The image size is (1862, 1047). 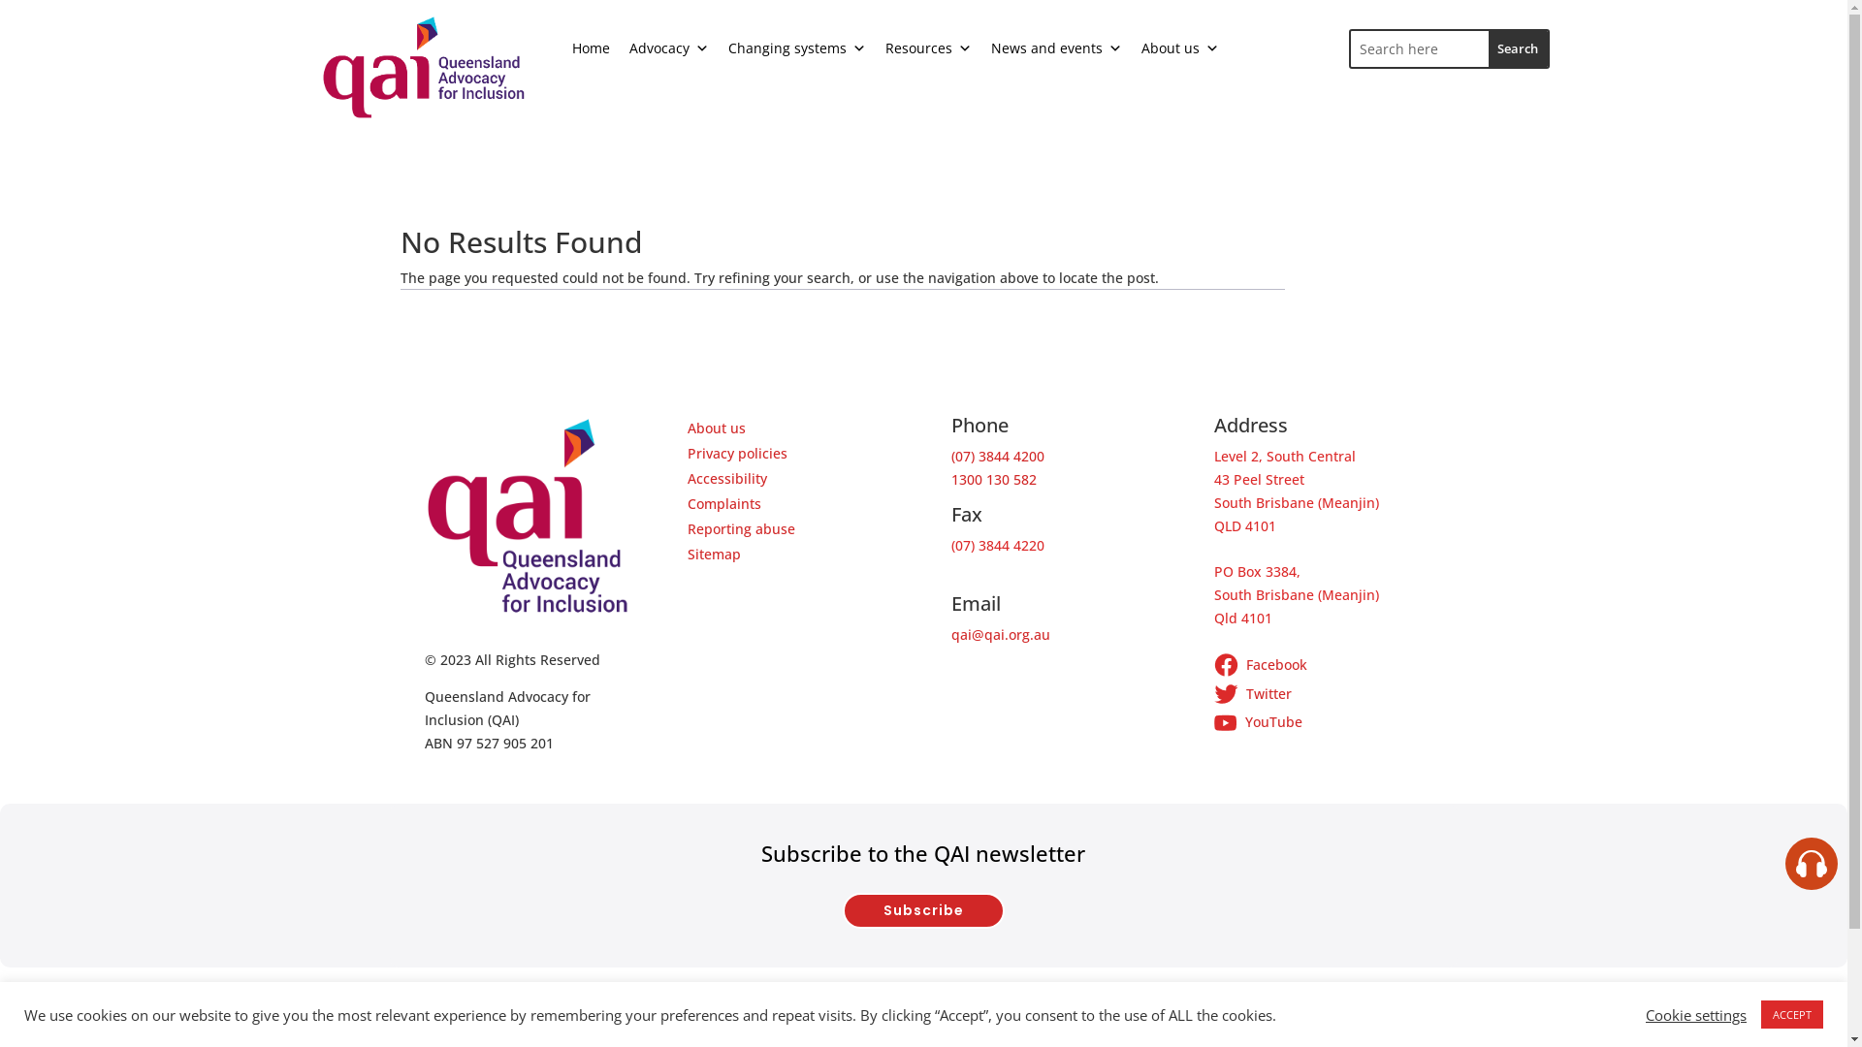 I want to click on 'About us', so click(x=1177, y=48).